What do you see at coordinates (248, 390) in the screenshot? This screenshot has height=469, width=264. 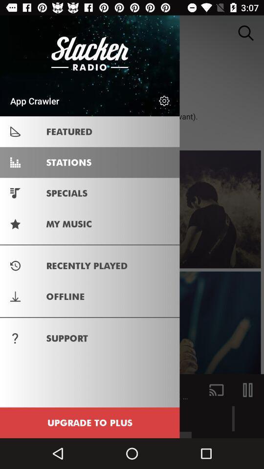 I see `the pause icon` at bounding box center [248, 390].